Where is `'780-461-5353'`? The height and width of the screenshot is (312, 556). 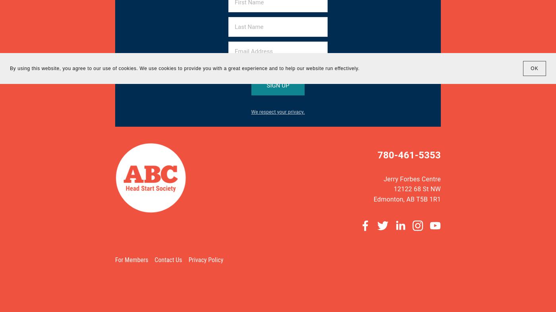
'780-461-5353' is located at coordinates (377, 155).